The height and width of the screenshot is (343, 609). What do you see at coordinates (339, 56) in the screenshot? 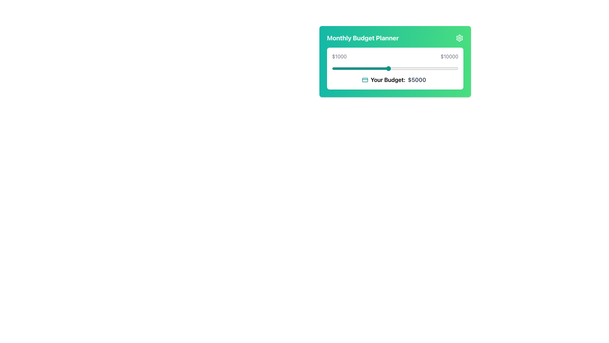
I see `the static text label displaying '$1000' in gray text, located within the 'Monthly Budget Planner' box on the left side of the slider bar` at bounding box center [339, 56].